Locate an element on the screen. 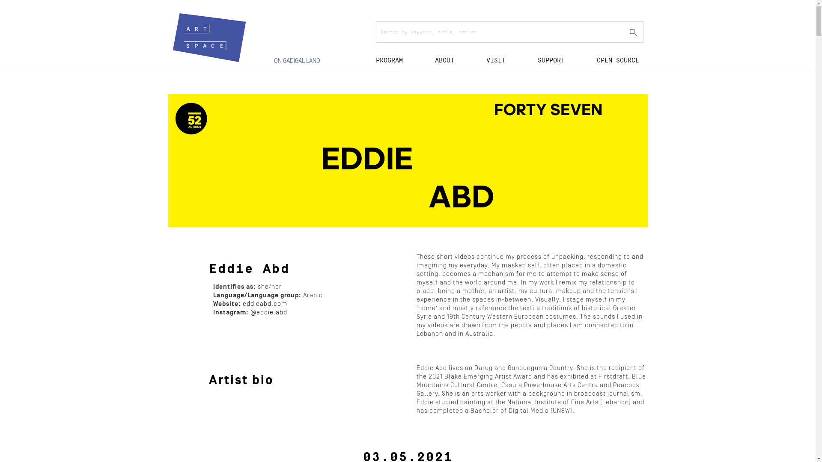 This screenshot has width=822, height=462. 'ABOUT' is located at coordinates (435, 59).